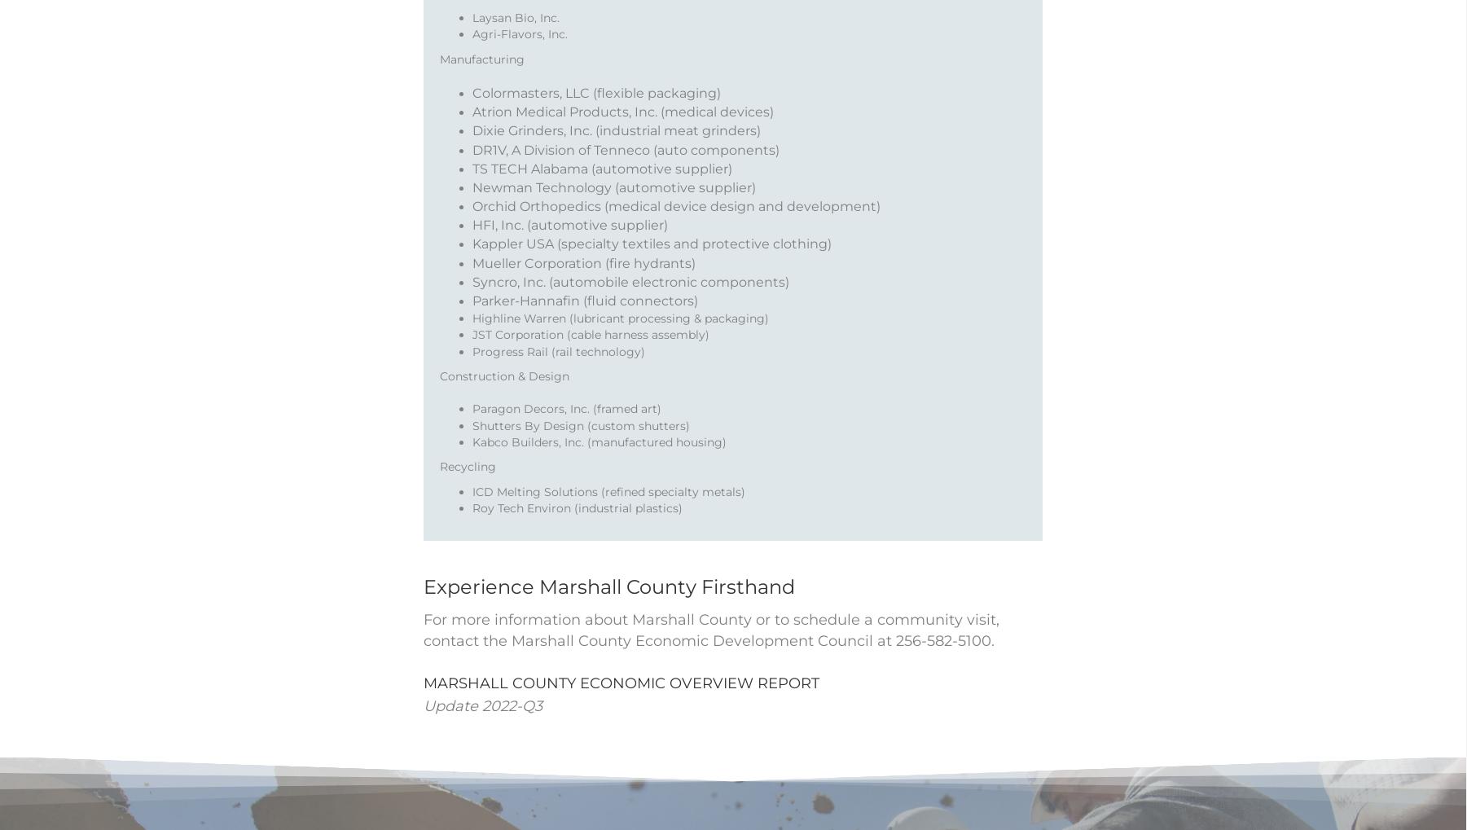 This screenshot has width=1467, height=830. What do you see at coordinates (483, 727) in the screenshot?
I see `'Update 2022-Q3'` at bounding box center [483, 727].